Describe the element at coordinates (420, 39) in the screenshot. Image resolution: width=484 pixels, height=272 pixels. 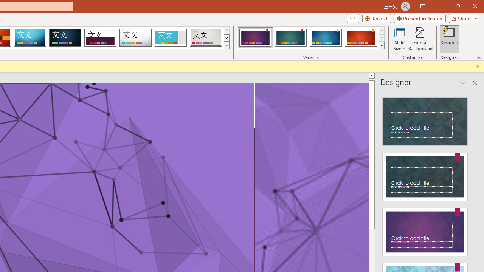
I see `'Format Background'` at that location.